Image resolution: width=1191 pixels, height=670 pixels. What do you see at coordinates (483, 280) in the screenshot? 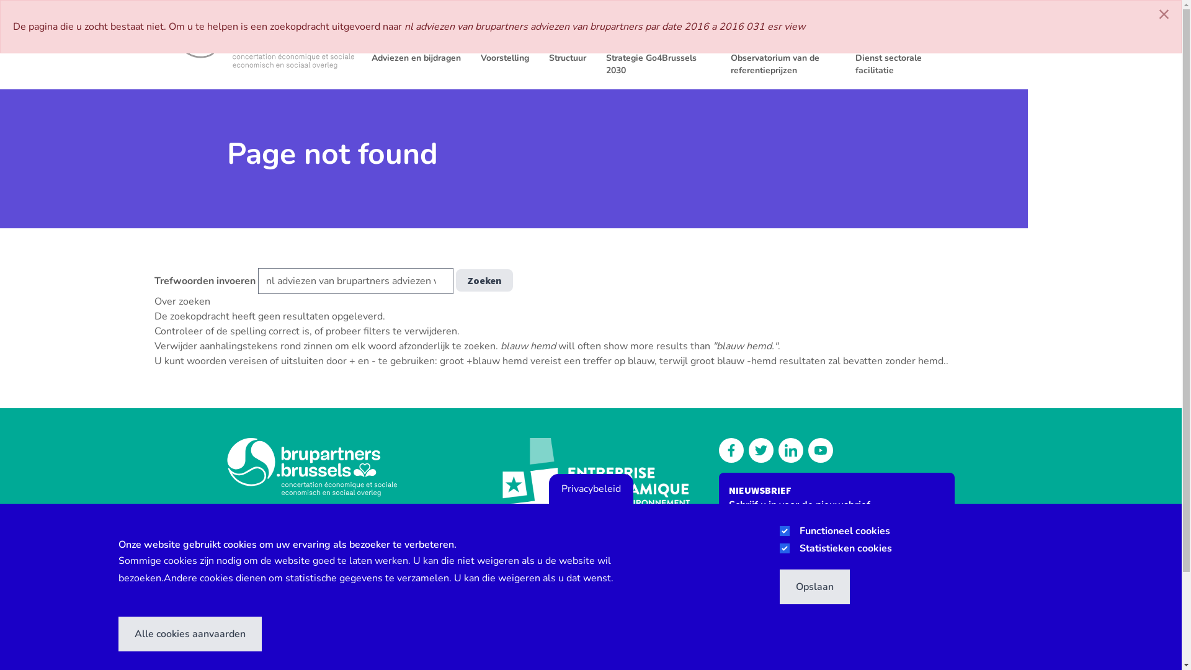
I see `'Zoeken'` at bounding box center [483, 280].